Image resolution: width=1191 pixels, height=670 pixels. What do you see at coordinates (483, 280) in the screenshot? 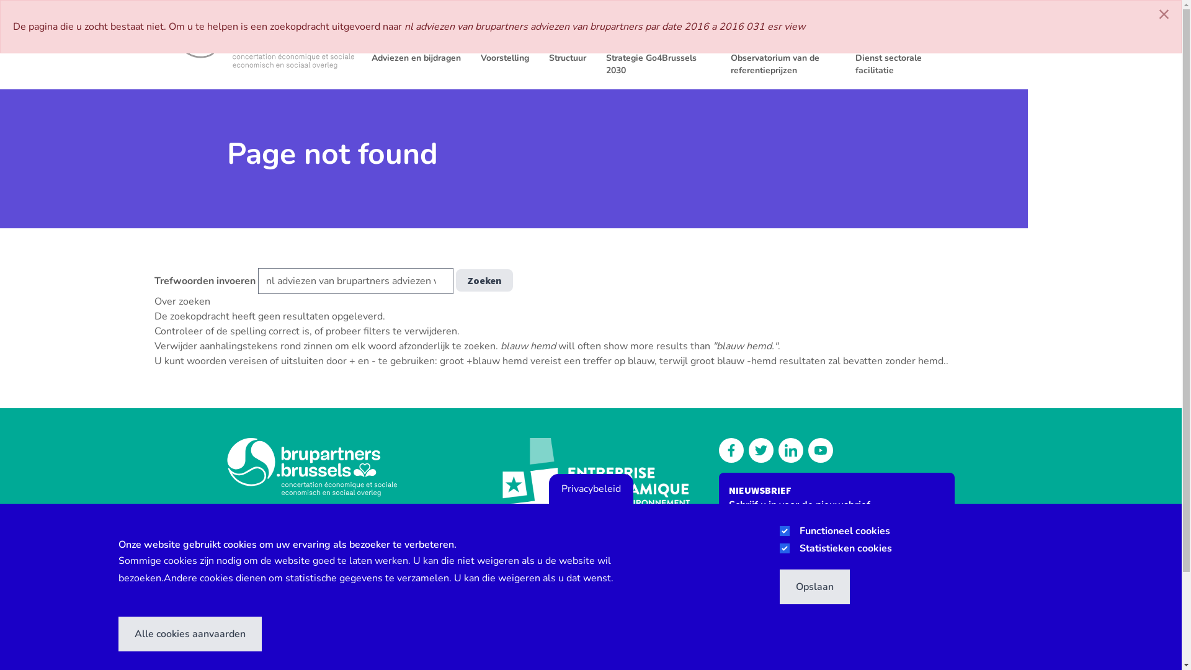
I see `'Zoeken'` at bounding box center [483, 280].